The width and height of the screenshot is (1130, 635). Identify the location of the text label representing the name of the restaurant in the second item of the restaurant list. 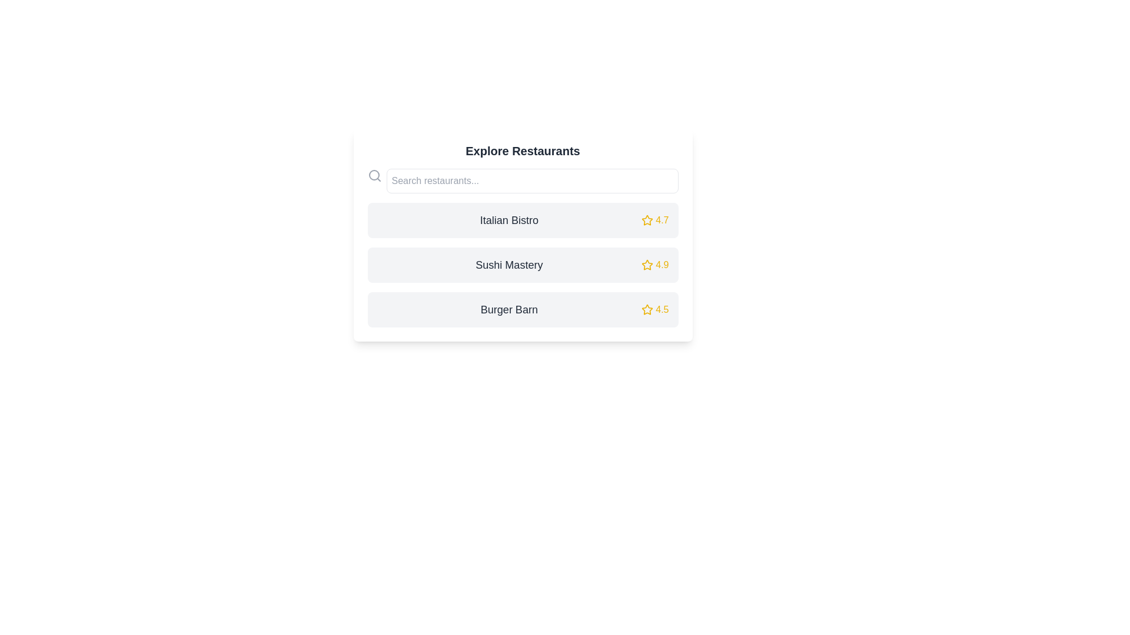
(509, 265).